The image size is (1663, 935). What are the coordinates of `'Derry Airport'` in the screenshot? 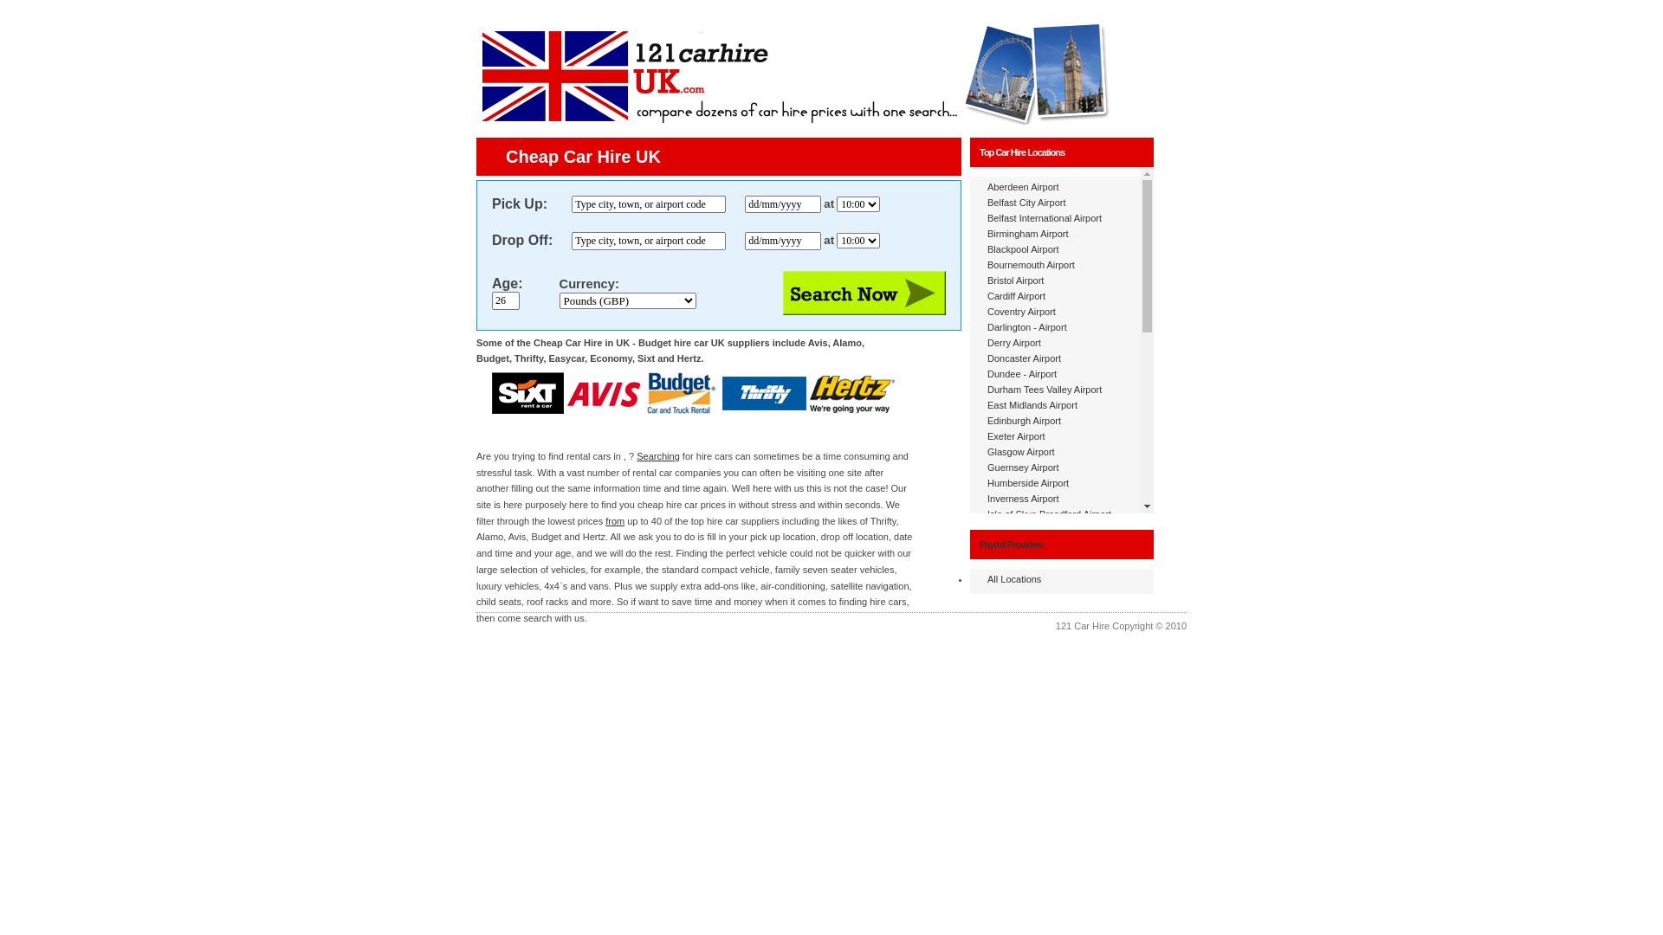 It's located at (1014, 343).